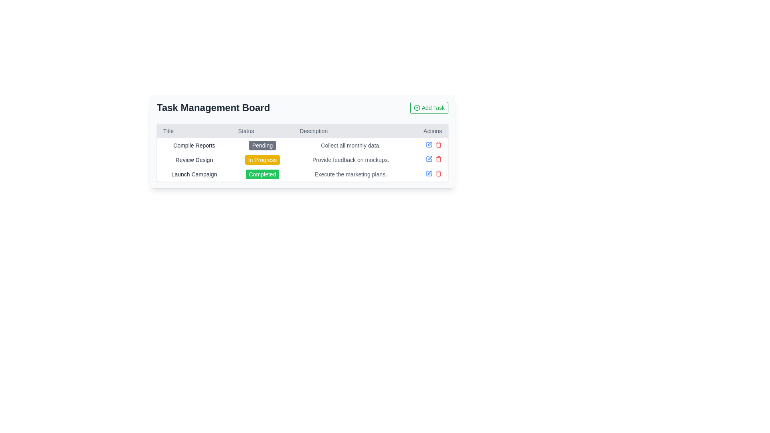 Image resolution: width=770 pixels, height=433 pixels. What do you see at coordinates (194, 160) in the screenshot?
I see `the 'Review Design' text label, which serves as a descriptive title for the related row in the table` at bounding box center [194, 160].